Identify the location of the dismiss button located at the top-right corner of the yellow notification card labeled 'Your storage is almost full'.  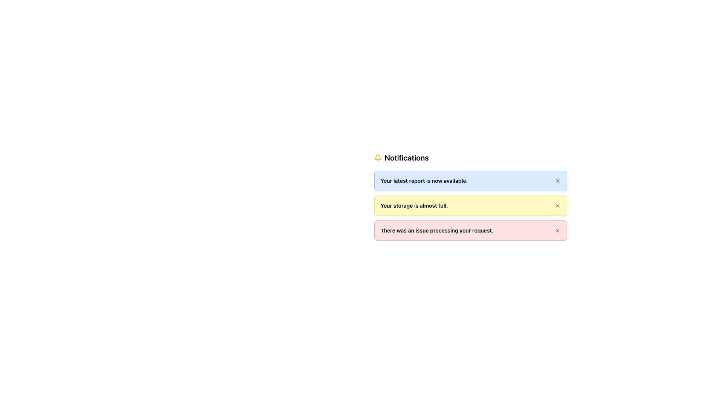
(557, 206).